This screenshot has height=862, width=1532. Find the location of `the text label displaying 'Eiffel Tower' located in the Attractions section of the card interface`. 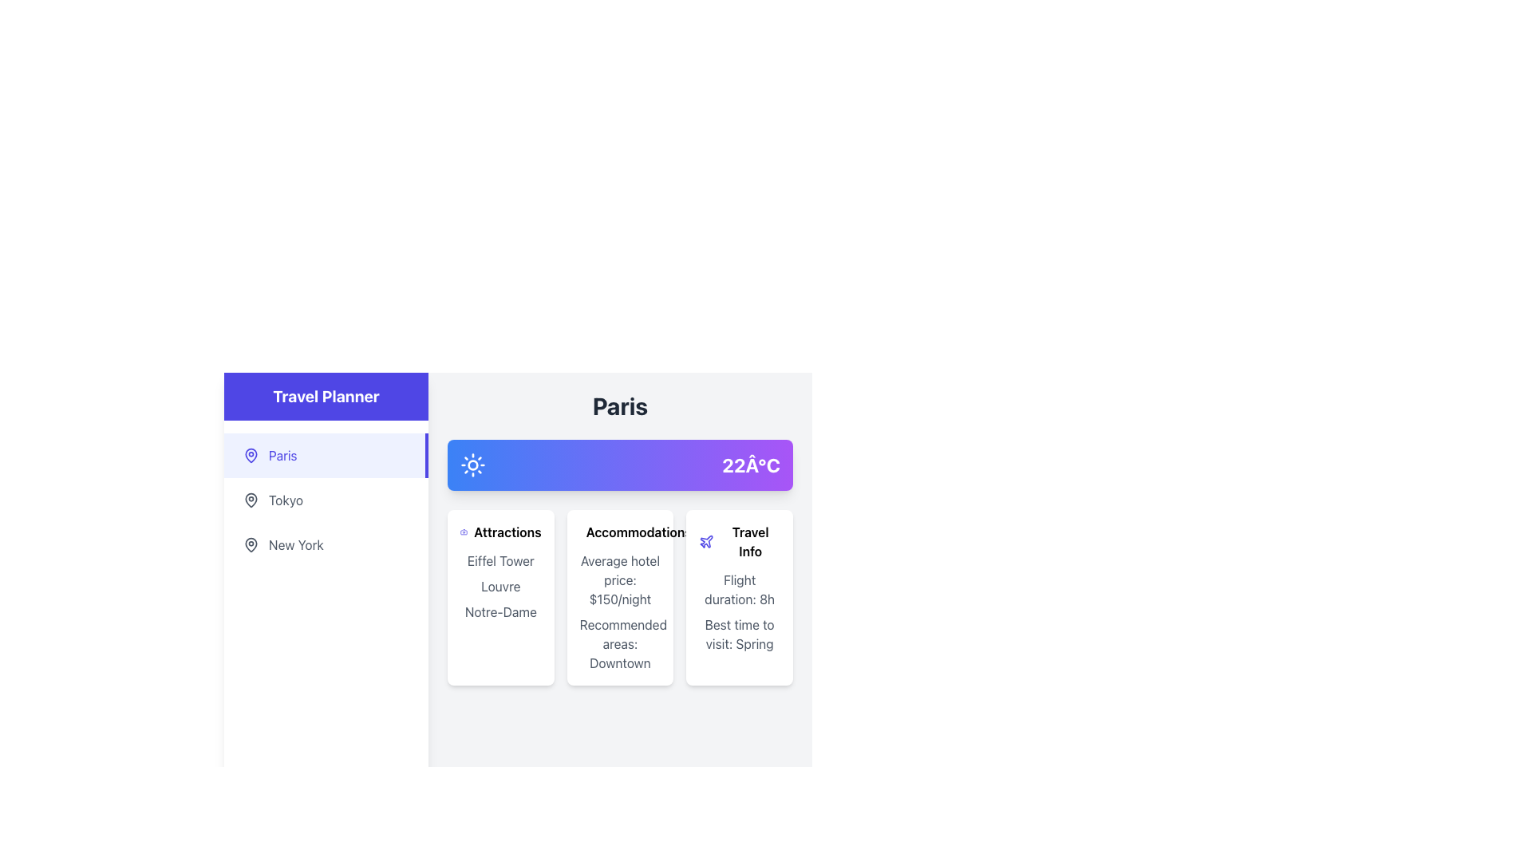

the text label displaying 'Eiffel Tower' located in the Attractions section of the card interface is located at coordinates (499, 560).